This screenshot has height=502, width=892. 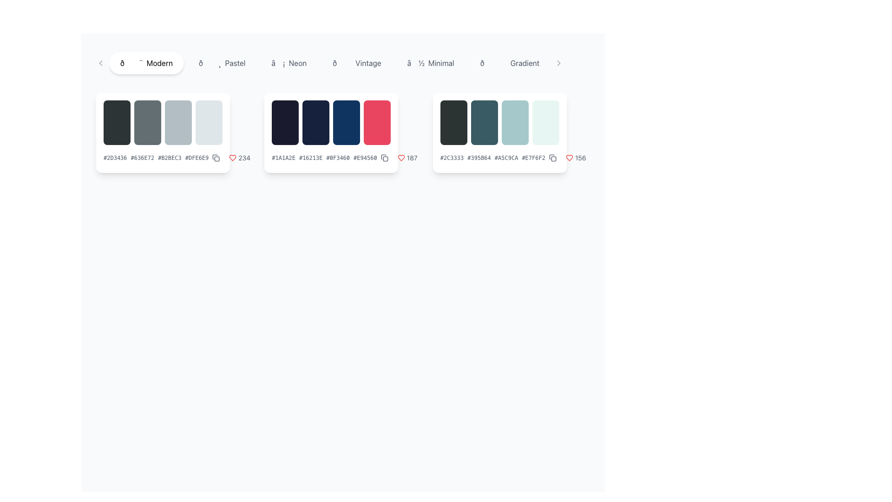 What do you see at coordinates (452, 157) in the screenshot?
I see `the text element that displays the hexadecimal color code, located inside the rightmost palette card in the top-right quadrant of the interface` at bounding box center [452, 157].